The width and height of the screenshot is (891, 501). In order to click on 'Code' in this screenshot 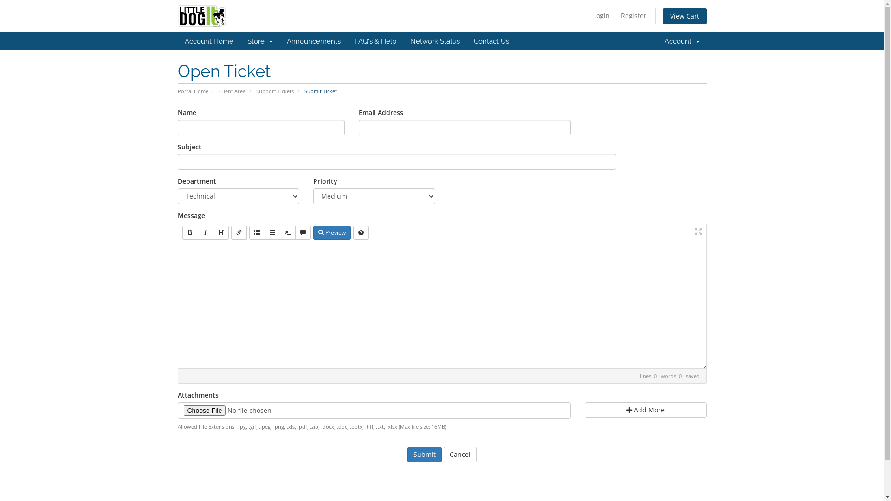, I will do `click(278, 232)`.